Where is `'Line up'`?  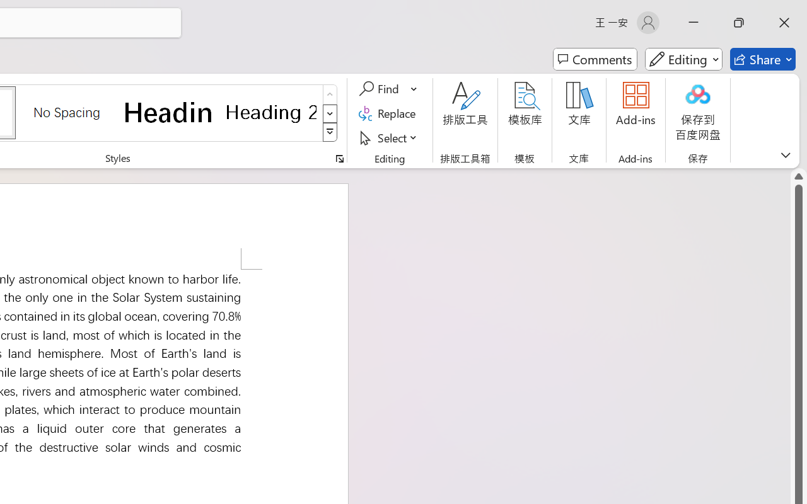 'Line up' is located at coordinates (798, 176).